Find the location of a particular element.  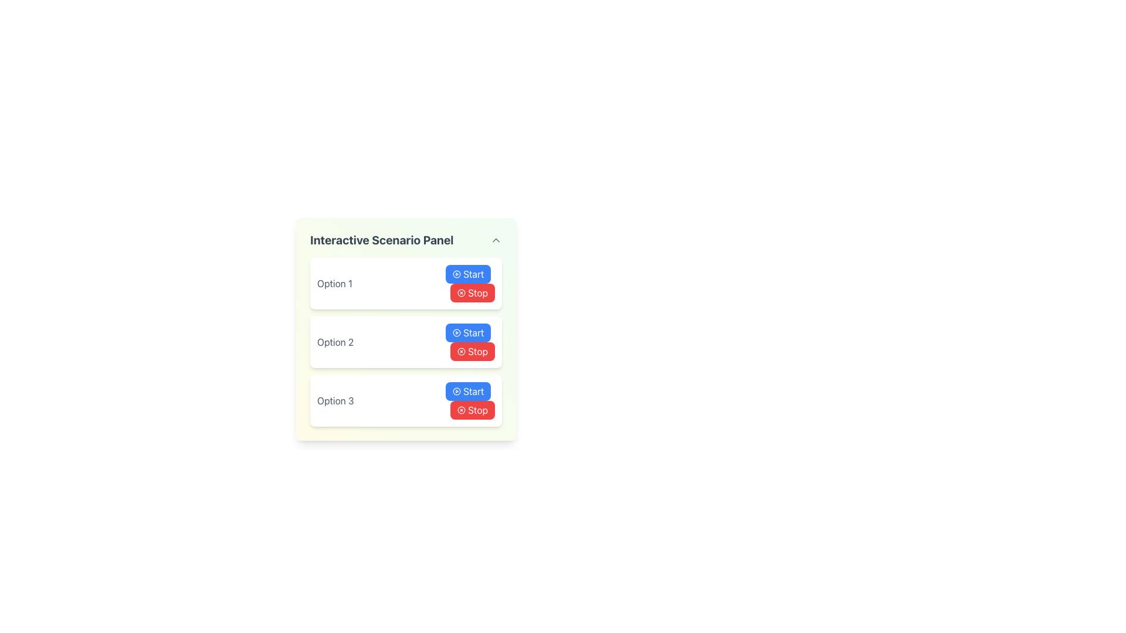

the small blue play circle icon, which is part of the 'Start' button located to the right of the 'Option 2' label in the 'Interactive Scenario Panel' is located at coordinates (456, 332).